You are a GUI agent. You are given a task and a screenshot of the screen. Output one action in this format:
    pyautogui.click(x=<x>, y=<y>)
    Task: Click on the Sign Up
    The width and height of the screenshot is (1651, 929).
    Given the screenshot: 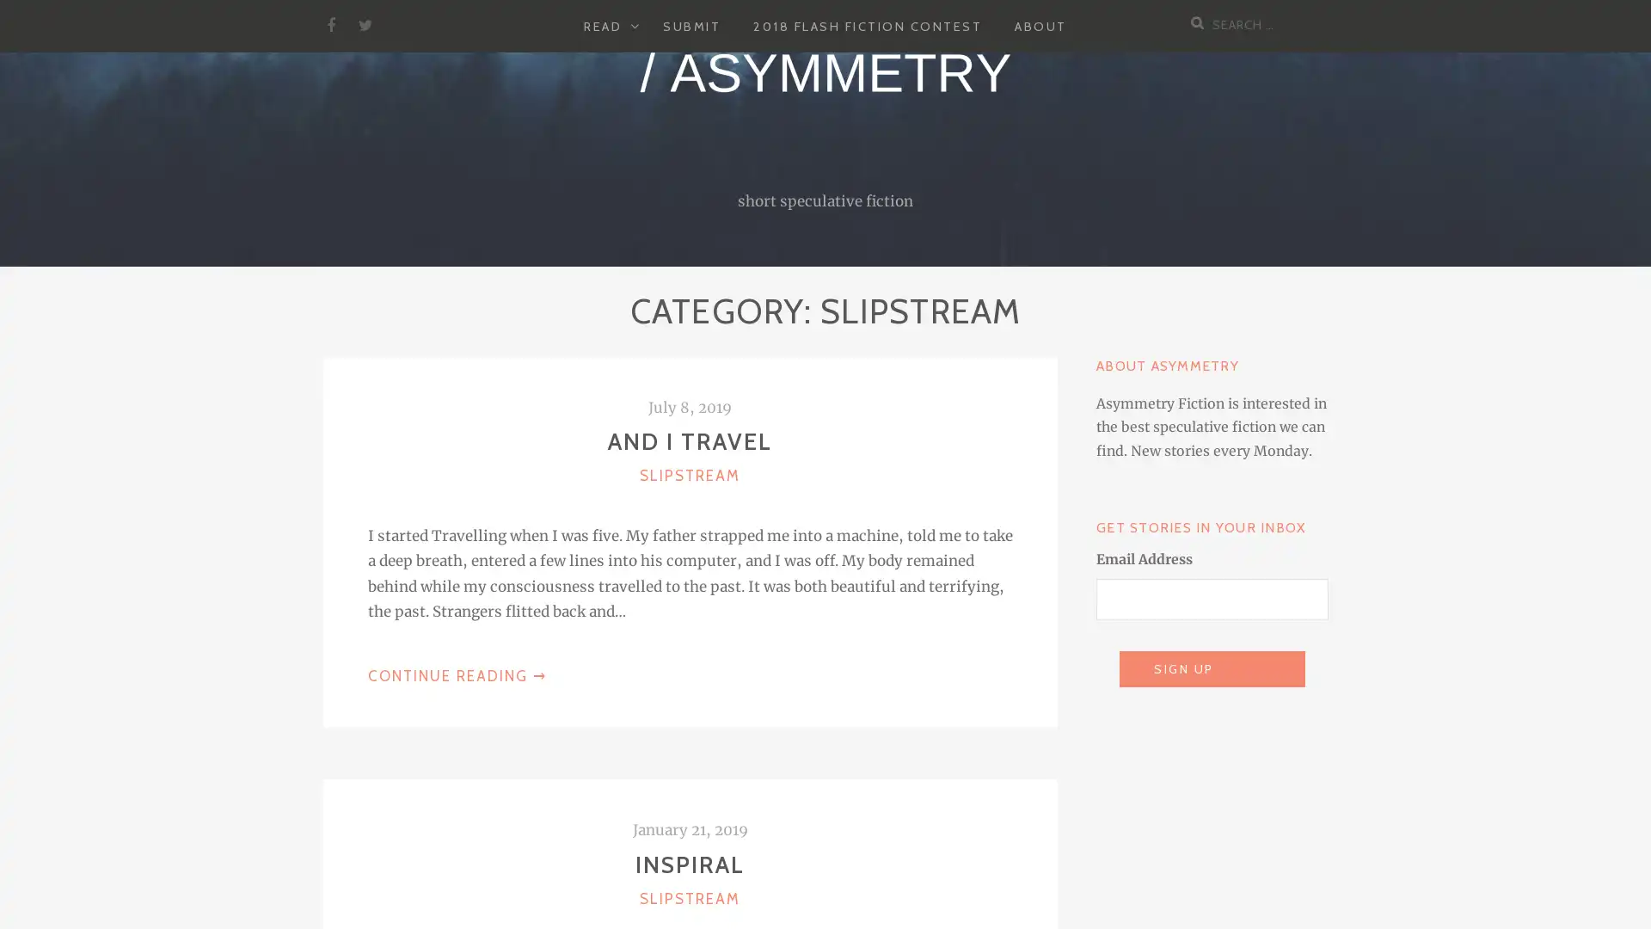 What is the action you would take?
    pyautogui.click(x=1212, y=667)
    